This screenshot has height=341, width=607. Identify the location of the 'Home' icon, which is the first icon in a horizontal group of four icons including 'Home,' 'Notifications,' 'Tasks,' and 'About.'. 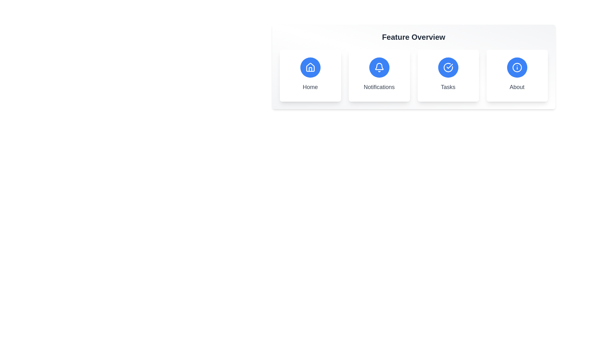
(310, 67).